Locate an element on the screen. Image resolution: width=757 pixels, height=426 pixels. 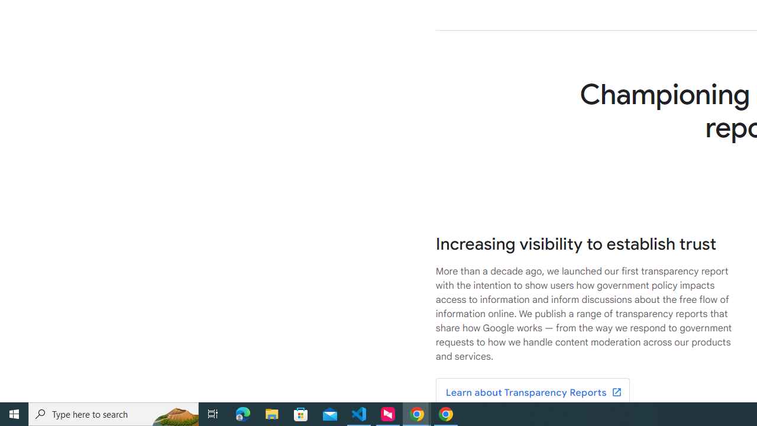
'Go to Transparency Report About web page' is located at coordinates (532, 393).